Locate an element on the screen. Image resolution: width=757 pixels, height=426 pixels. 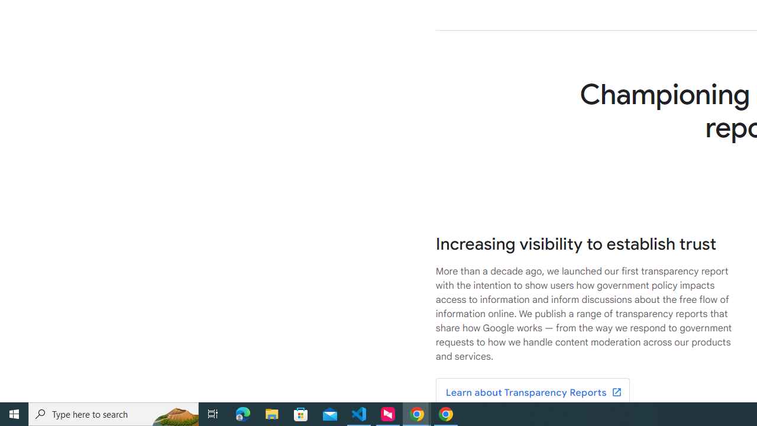
'Go to Transparency Report About web page' is located at coordinates (532, 393).